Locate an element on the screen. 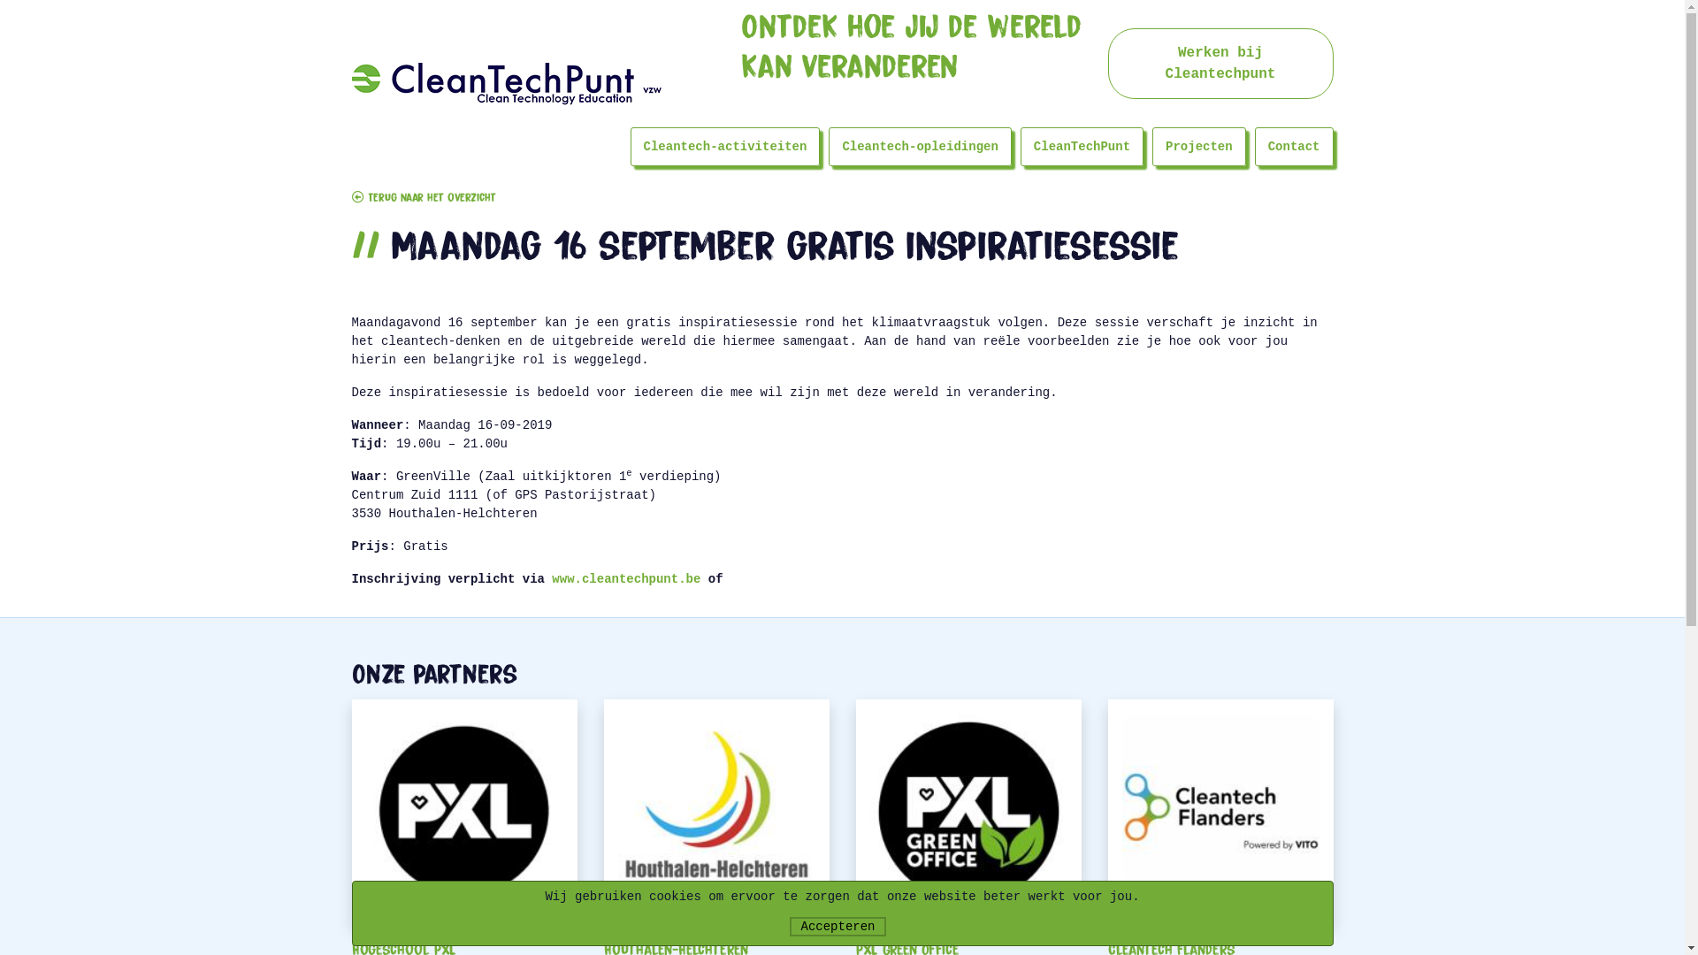 The width and height of the screenshot is (1698, 955). 'Projecten' is located at coordinates (1199, 145).